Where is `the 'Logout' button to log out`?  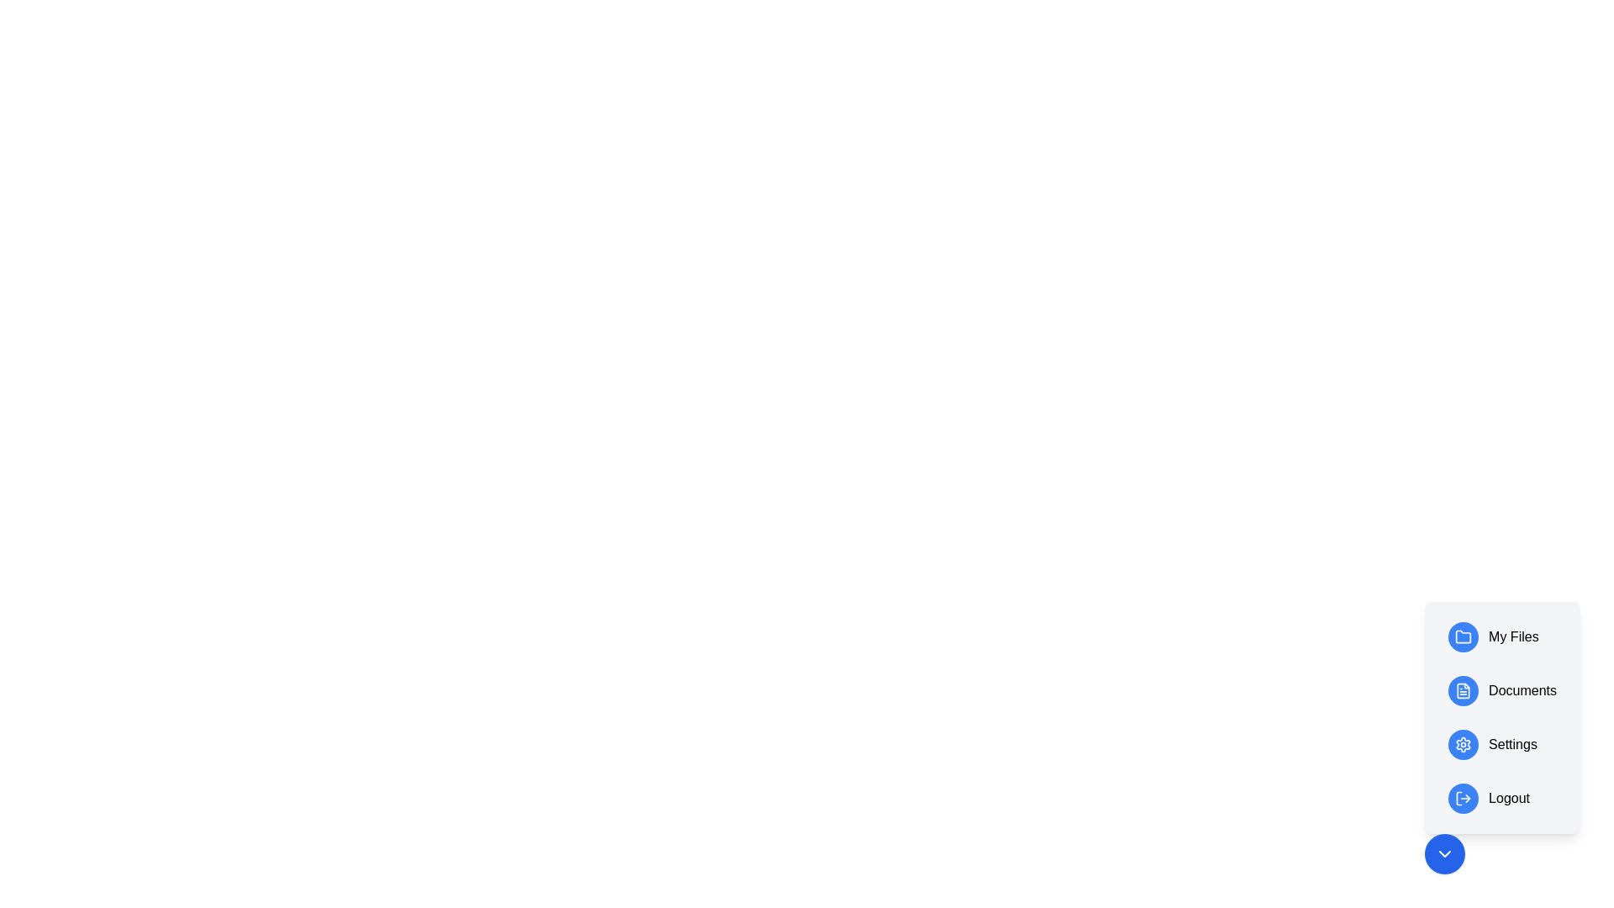 the 'Logout' button to log out is located at coordinates (1502, 797).